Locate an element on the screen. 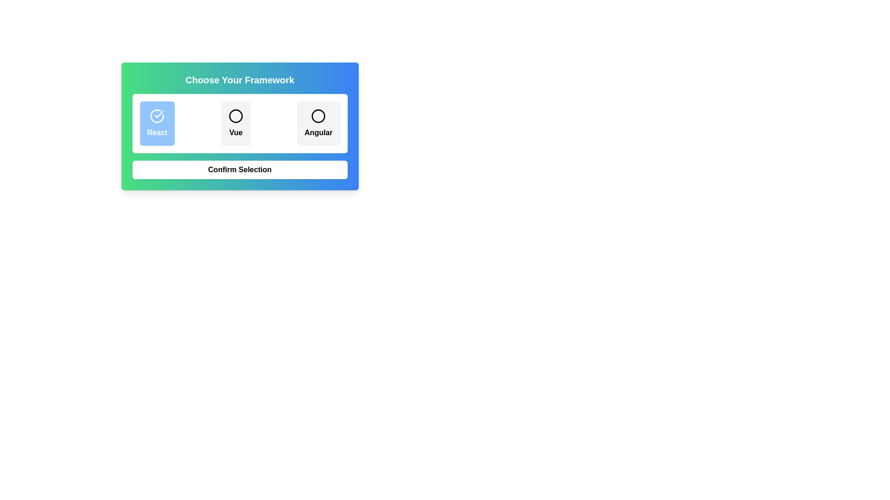  text of the label indicating the 'Vue' framework, which is positioned centrally below the corresponding radio button in a horizontal list of options is located at coordinates (235, 132).